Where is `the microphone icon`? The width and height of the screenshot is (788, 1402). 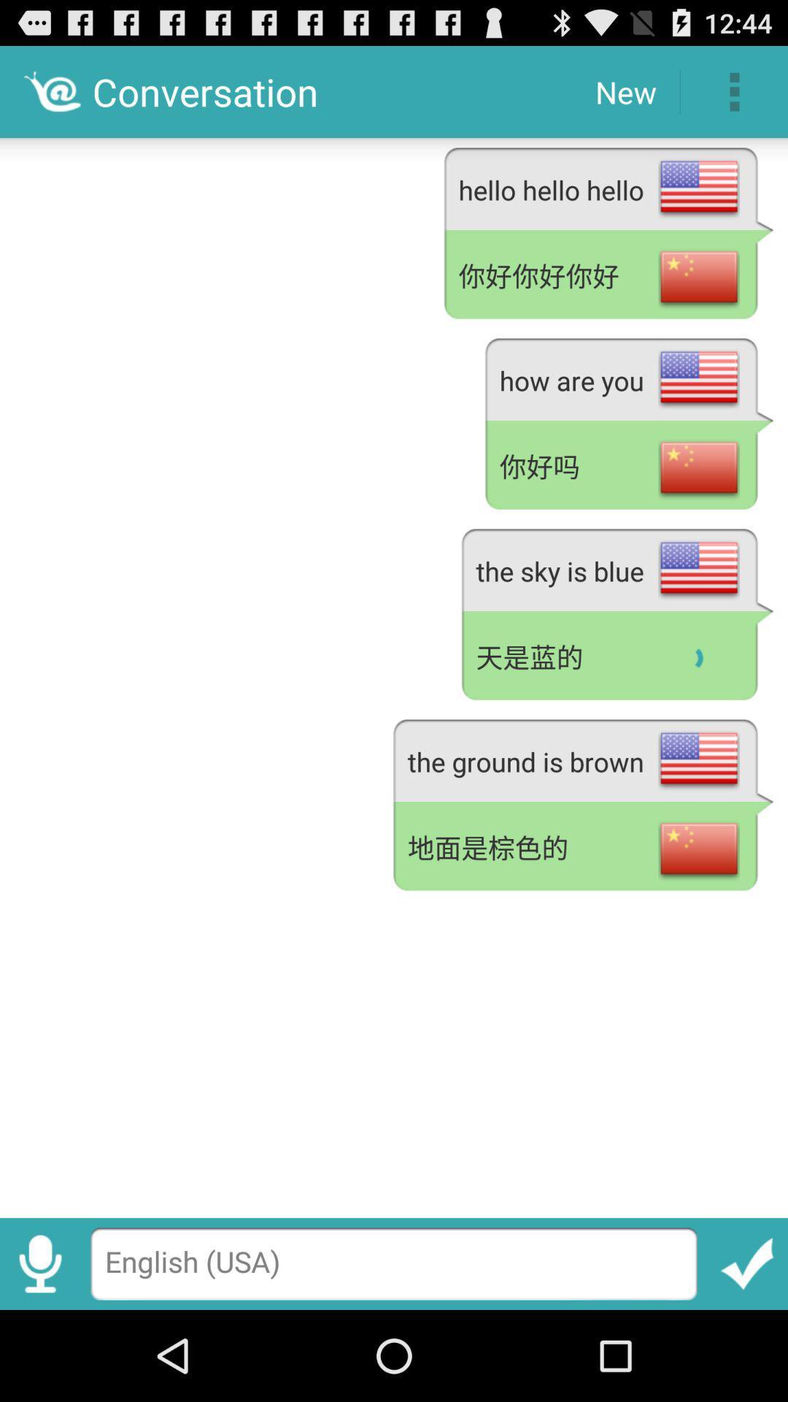
the microphone icon is located at coordinates (39, 1352).